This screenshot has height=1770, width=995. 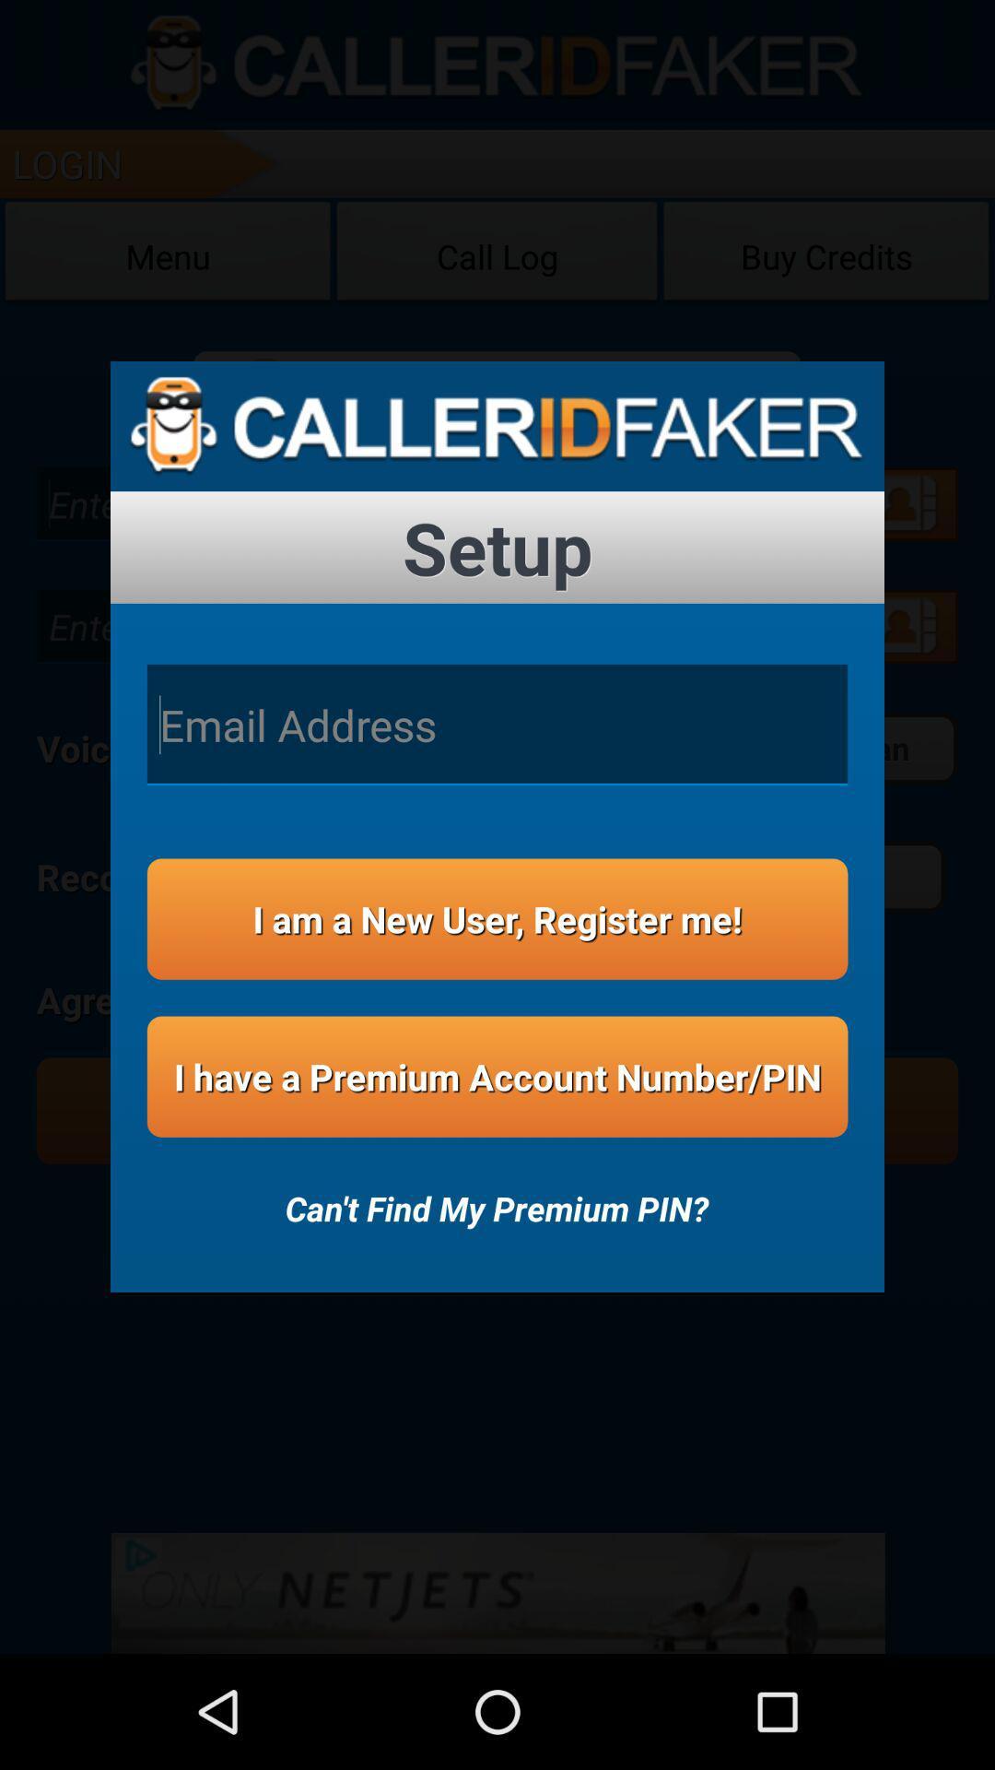 I want to click on icon above the setup app, so click(x=497, y=425).